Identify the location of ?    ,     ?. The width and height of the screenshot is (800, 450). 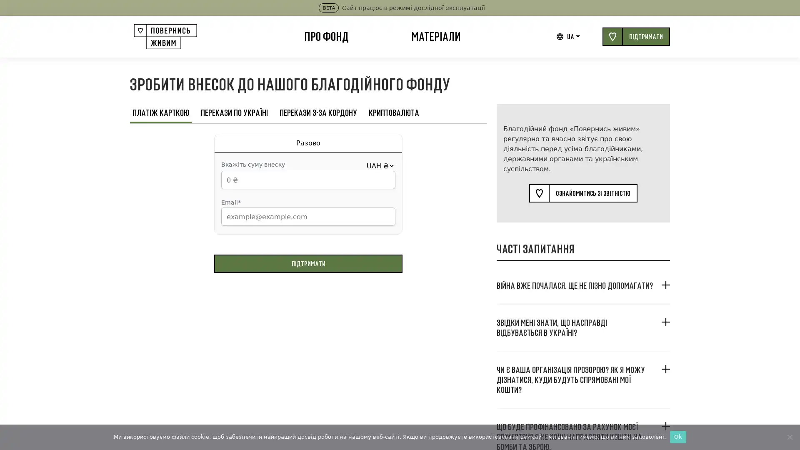
(583, 379).